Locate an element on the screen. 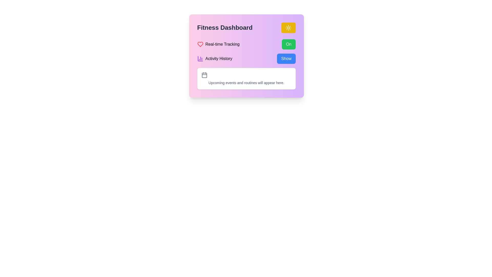  the text and icon combination that serves as a header or title for the activity history section, positioned above the 'Show' button in the horizontal layout is located at coordinates (214, 58).